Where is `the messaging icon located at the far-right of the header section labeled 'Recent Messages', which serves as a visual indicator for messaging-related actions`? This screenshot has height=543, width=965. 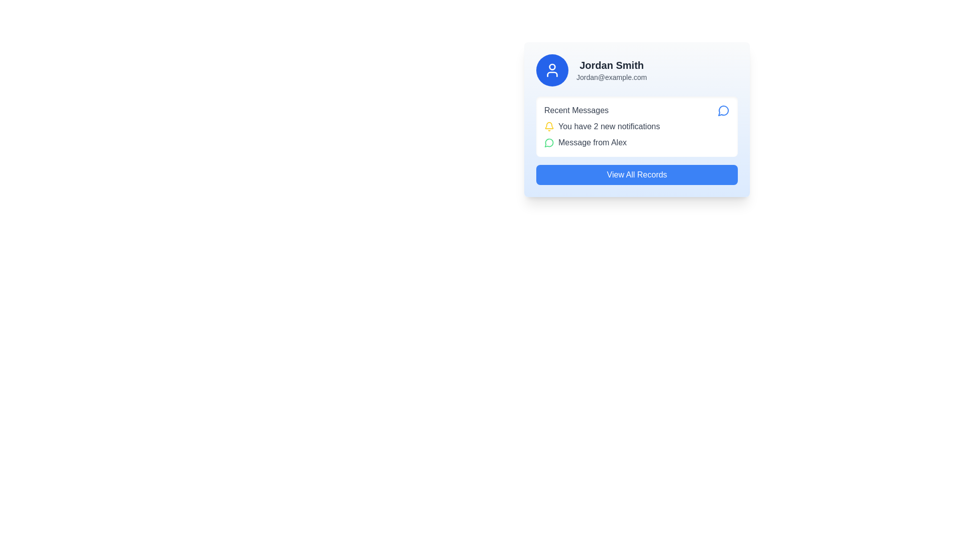
the messaging icon located at the far-right of the header section labeled 'Recent Messages', which serves as a visual indicator for messaging-related actions is located at coordinates (724, 110).